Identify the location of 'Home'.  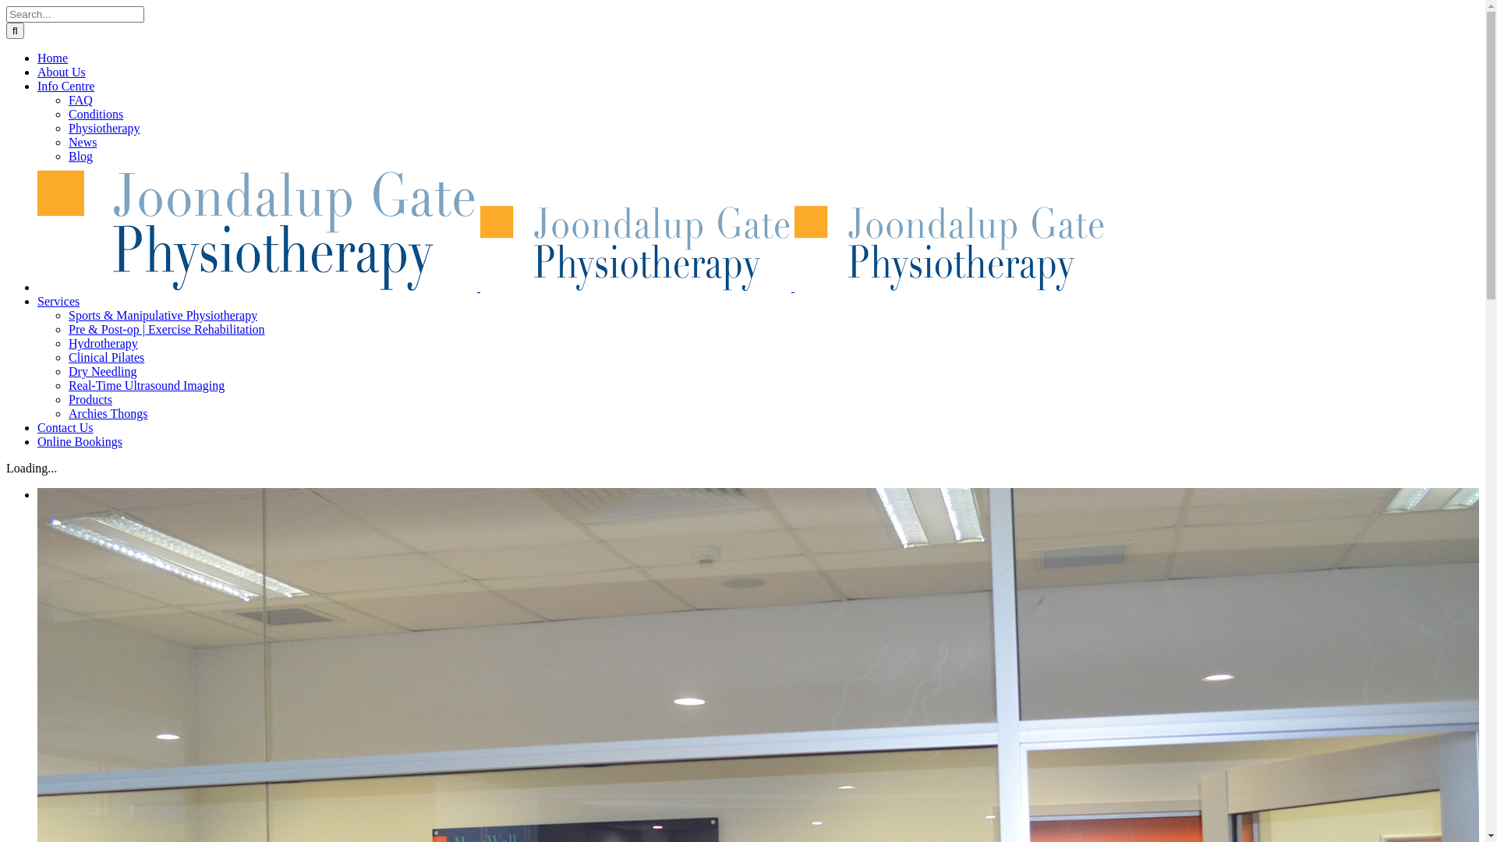
(52, 57).